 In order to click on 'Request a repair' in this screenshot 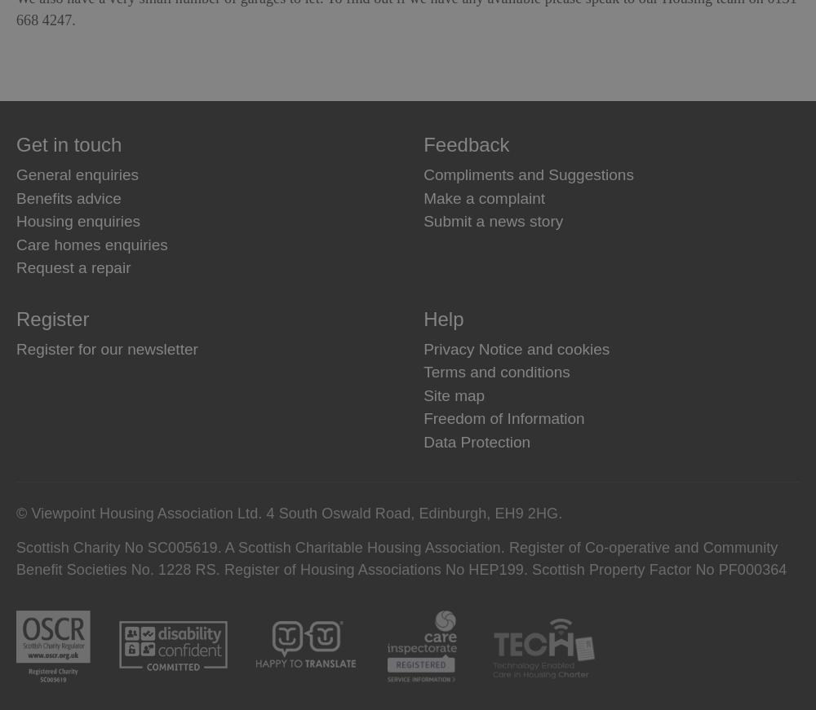, I will do `click(16, 267)`.